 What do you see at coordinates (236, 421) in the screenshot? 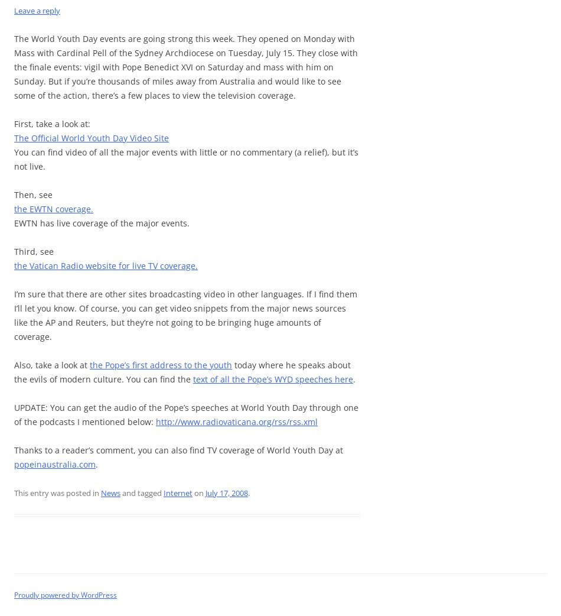
I see `'http://www.radiovaticana.org/rss/rss.xml'` at bounding box center [236, 421].